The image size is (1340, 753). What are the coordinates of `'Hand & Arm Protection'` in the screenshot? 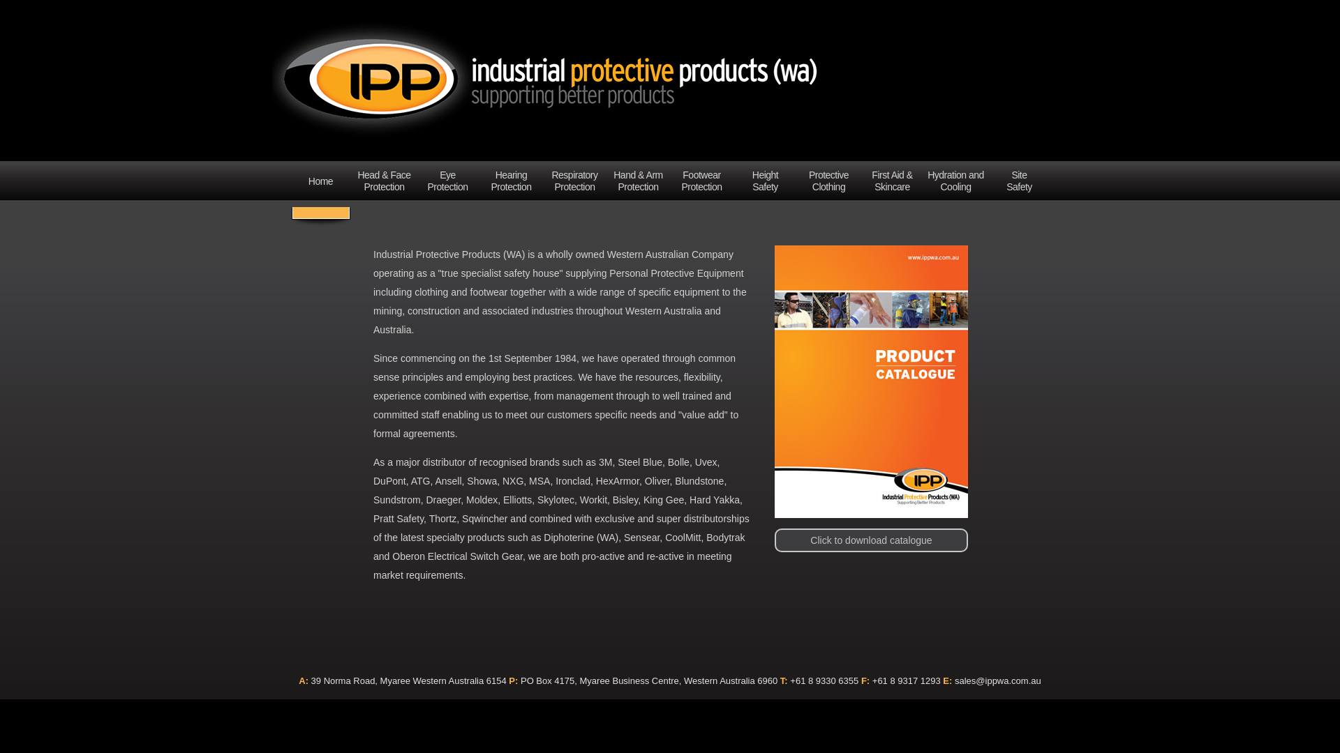 It's located at (637, 180).